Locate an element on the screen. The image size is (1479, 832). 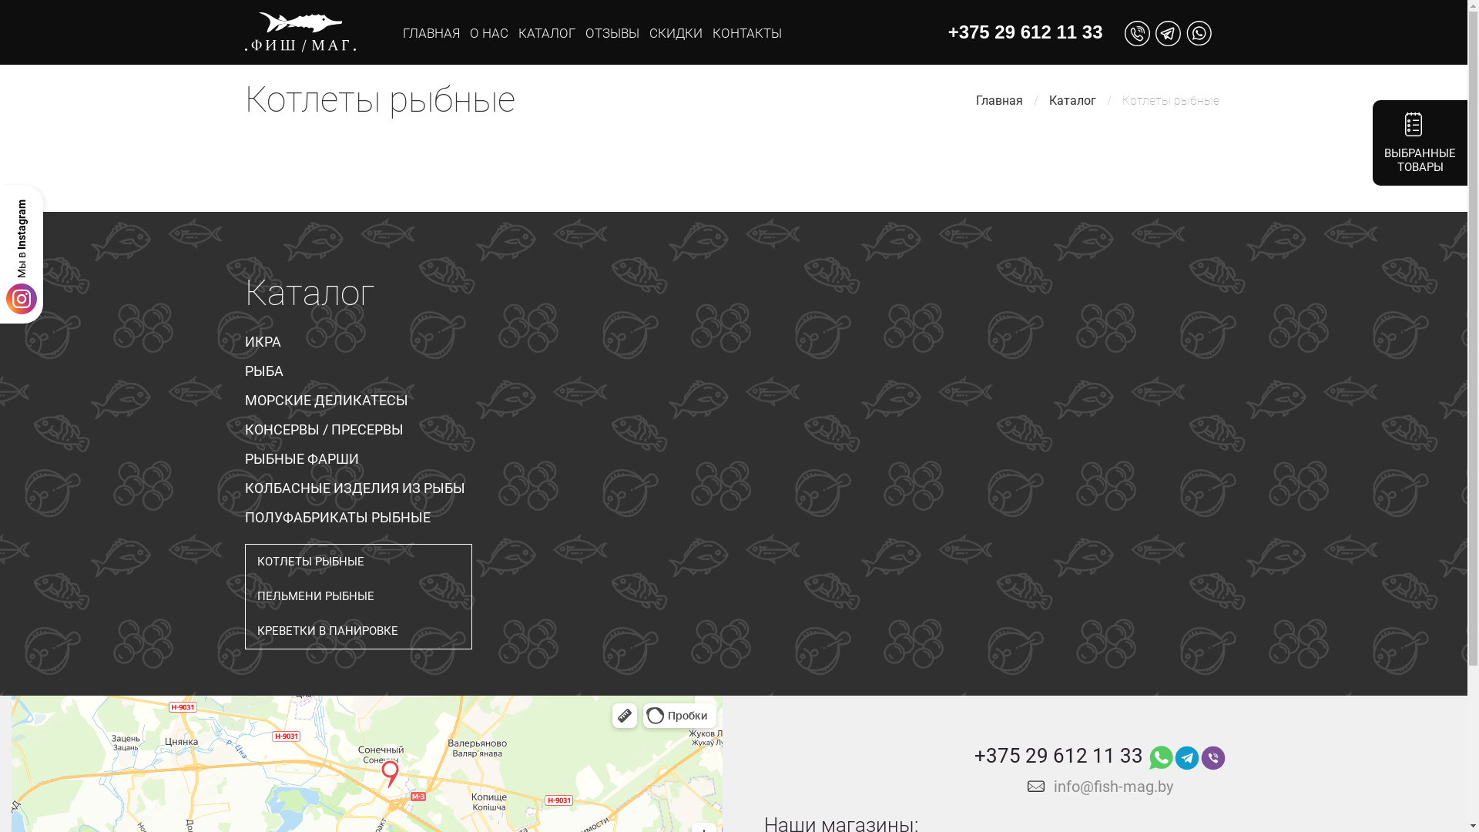
'+375 29 612 11 33' is located at coordinates (1025, 32).